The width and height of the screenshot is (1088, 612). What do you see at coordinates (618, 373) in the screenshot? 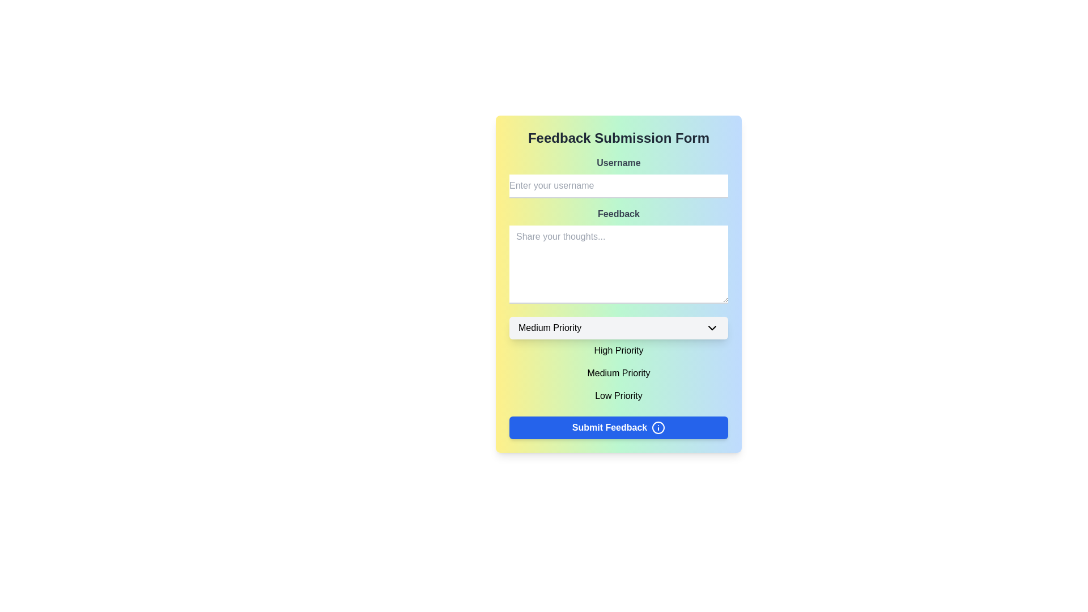
I see `the 'Medium Priority' text item in the priority selection list` at bounding box center [618, 373].